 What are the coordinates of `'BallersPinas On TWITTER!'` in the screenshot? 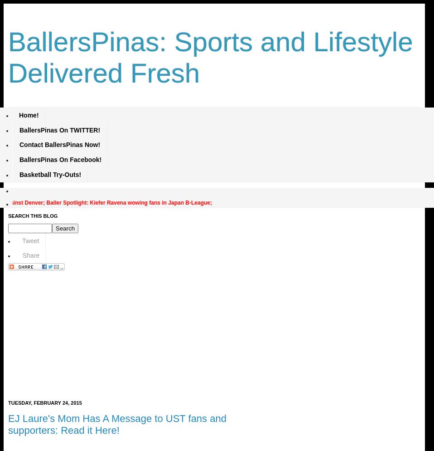 It's located at (60, 129).